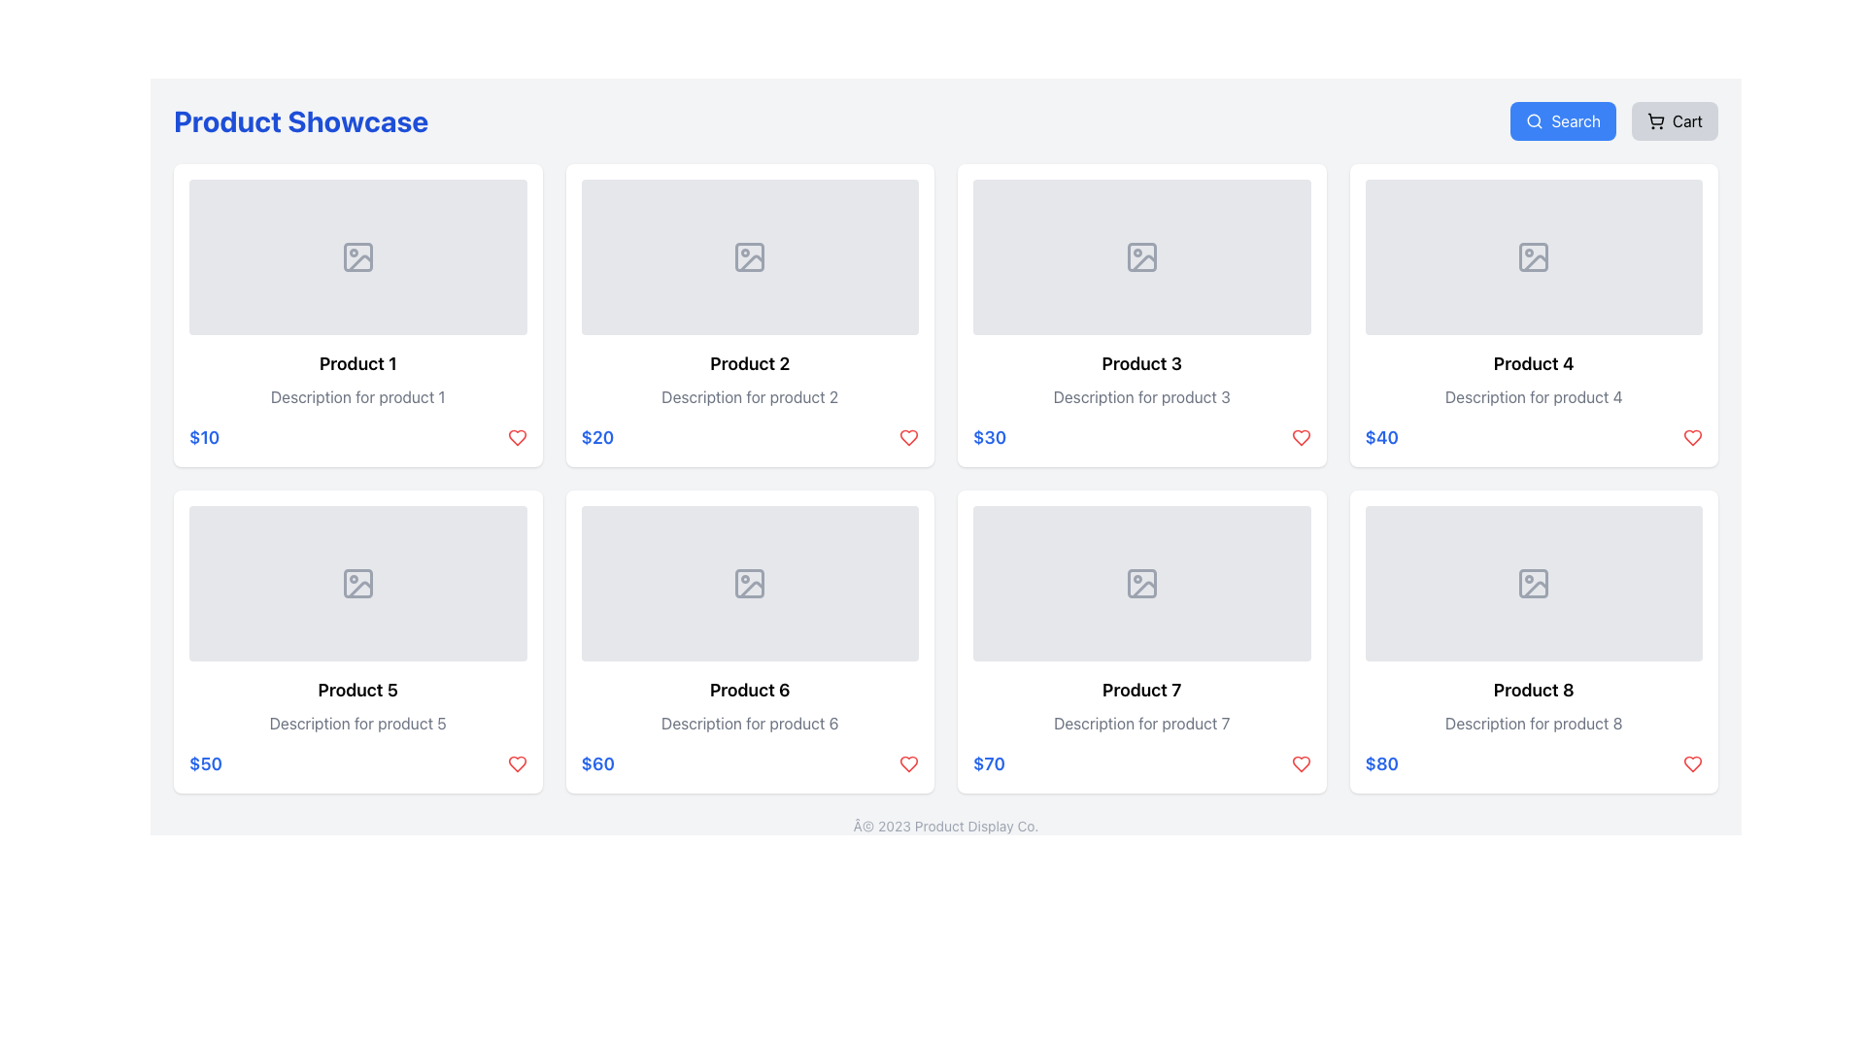 This screenshot has width=1865, height=1049. Describe the element at coordinates (1533, 723) in the screenshot. I see `descriptive text label located in the bottom row, fourth column of the product grid, positioned below the title 'Product 8' and above the displayed price '$80'` at that location.